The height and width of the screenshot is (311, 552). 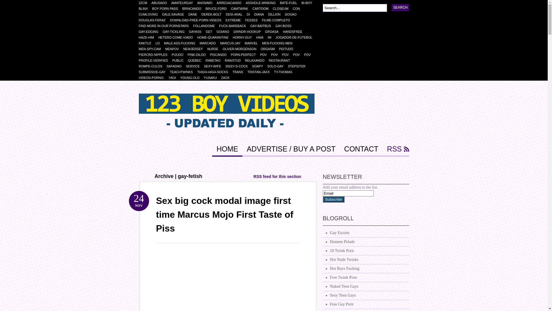 I want to click on 'GAYASS', so click(x=197, y=32).